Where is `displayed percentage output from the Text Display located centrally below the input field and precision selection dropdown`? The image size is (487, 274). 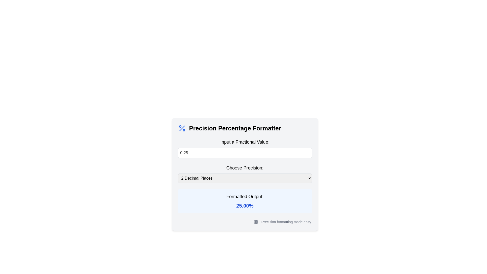 displayed percentage output from the Text Display located centrally below the input field and precision selection dropdown is located at coordinates (245, 201).